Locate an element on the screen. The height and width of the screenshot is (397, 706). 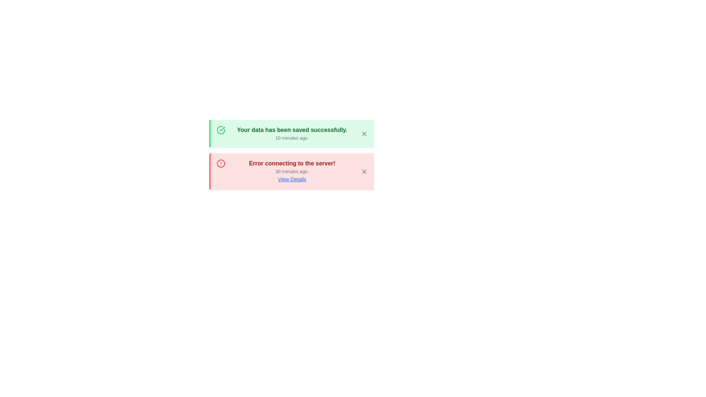
the 'View Details' text link, which is underlined and blue, located in the notification section at the bottom right corner is located at coordinates (292, 179).